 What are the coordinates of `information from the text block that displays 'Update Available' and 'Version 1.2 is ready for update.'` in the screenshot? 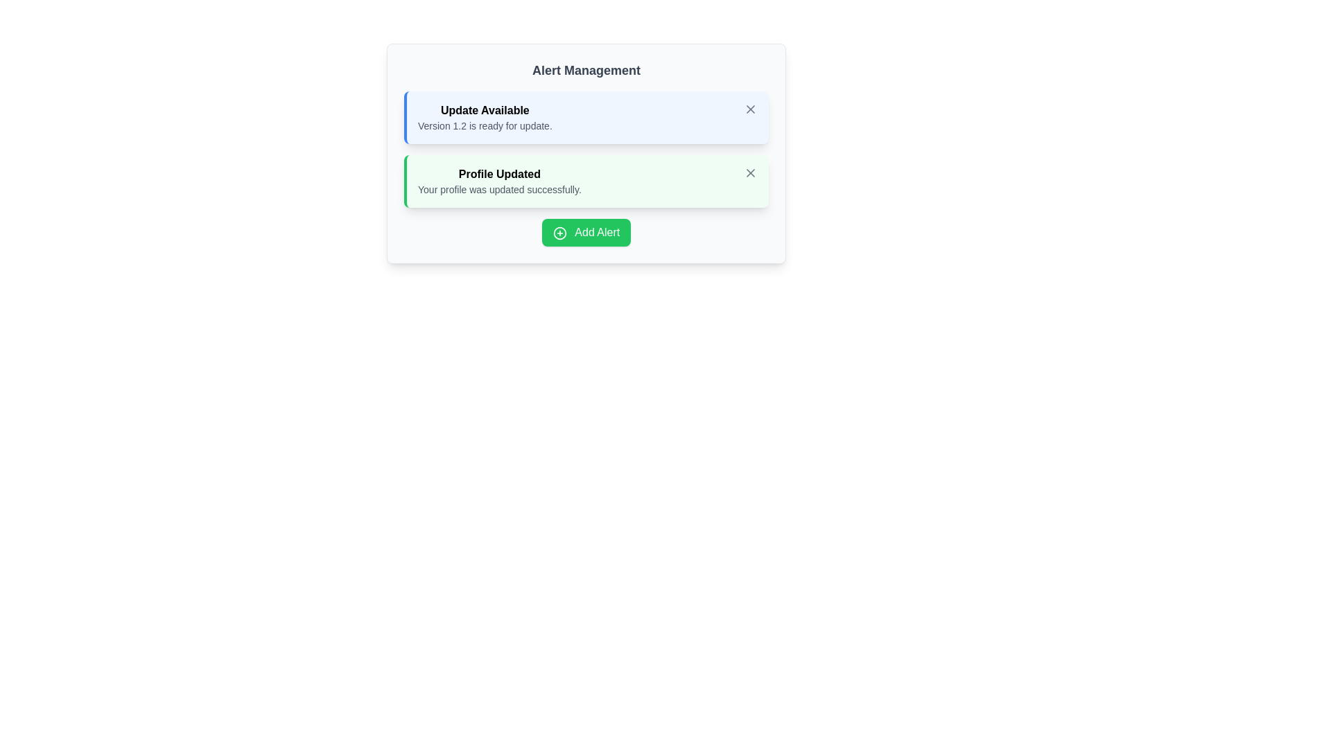 It's located at (485, 116).